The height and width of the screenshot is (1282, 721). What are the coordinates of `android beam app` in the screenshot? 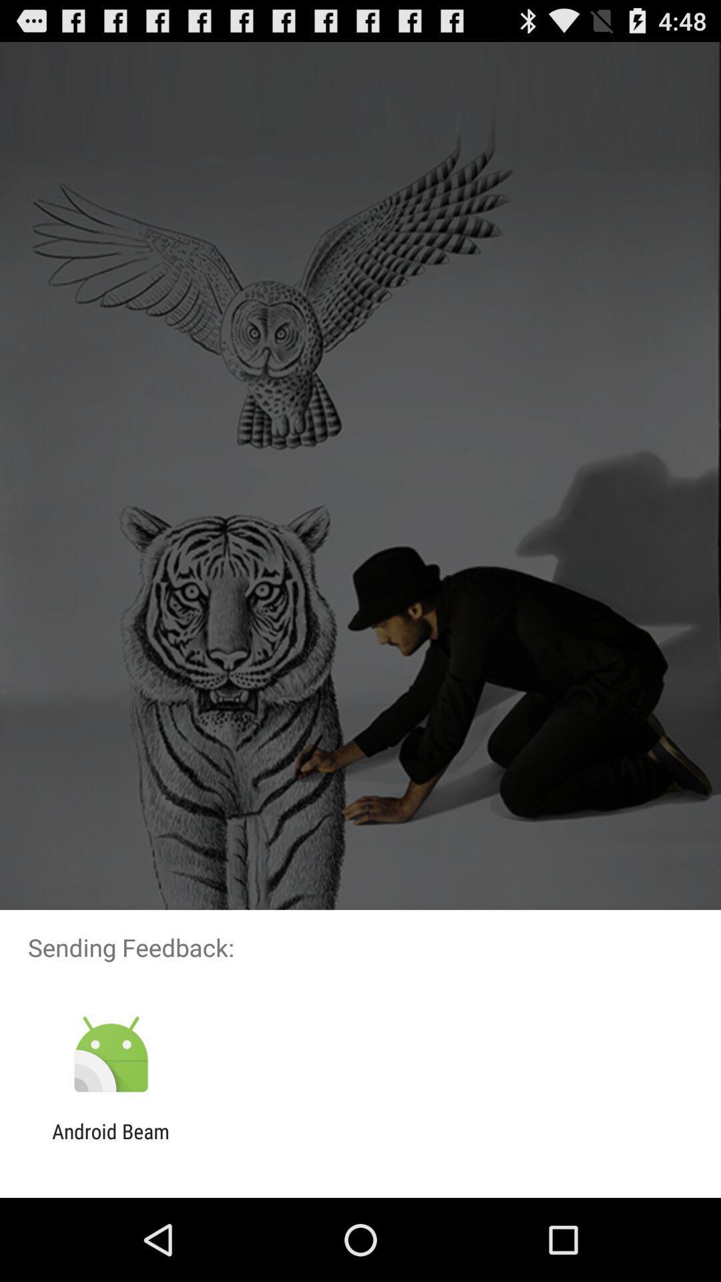 It's located at (110, 1142).